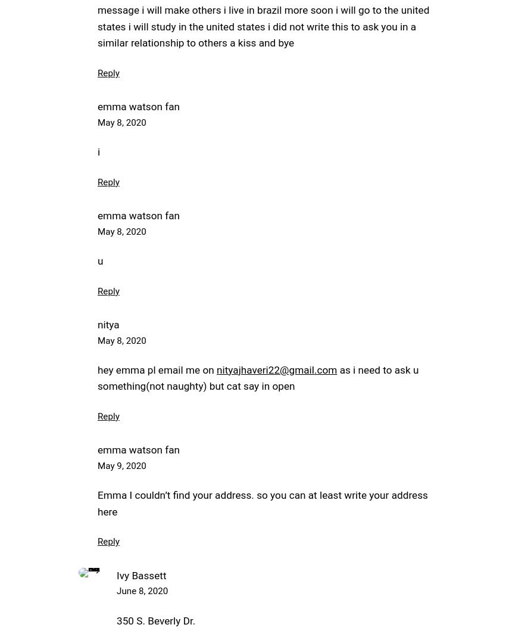  I want to click on 'Emma I couldn’t find your address. so you can at least write your address here', so click(97, 503).